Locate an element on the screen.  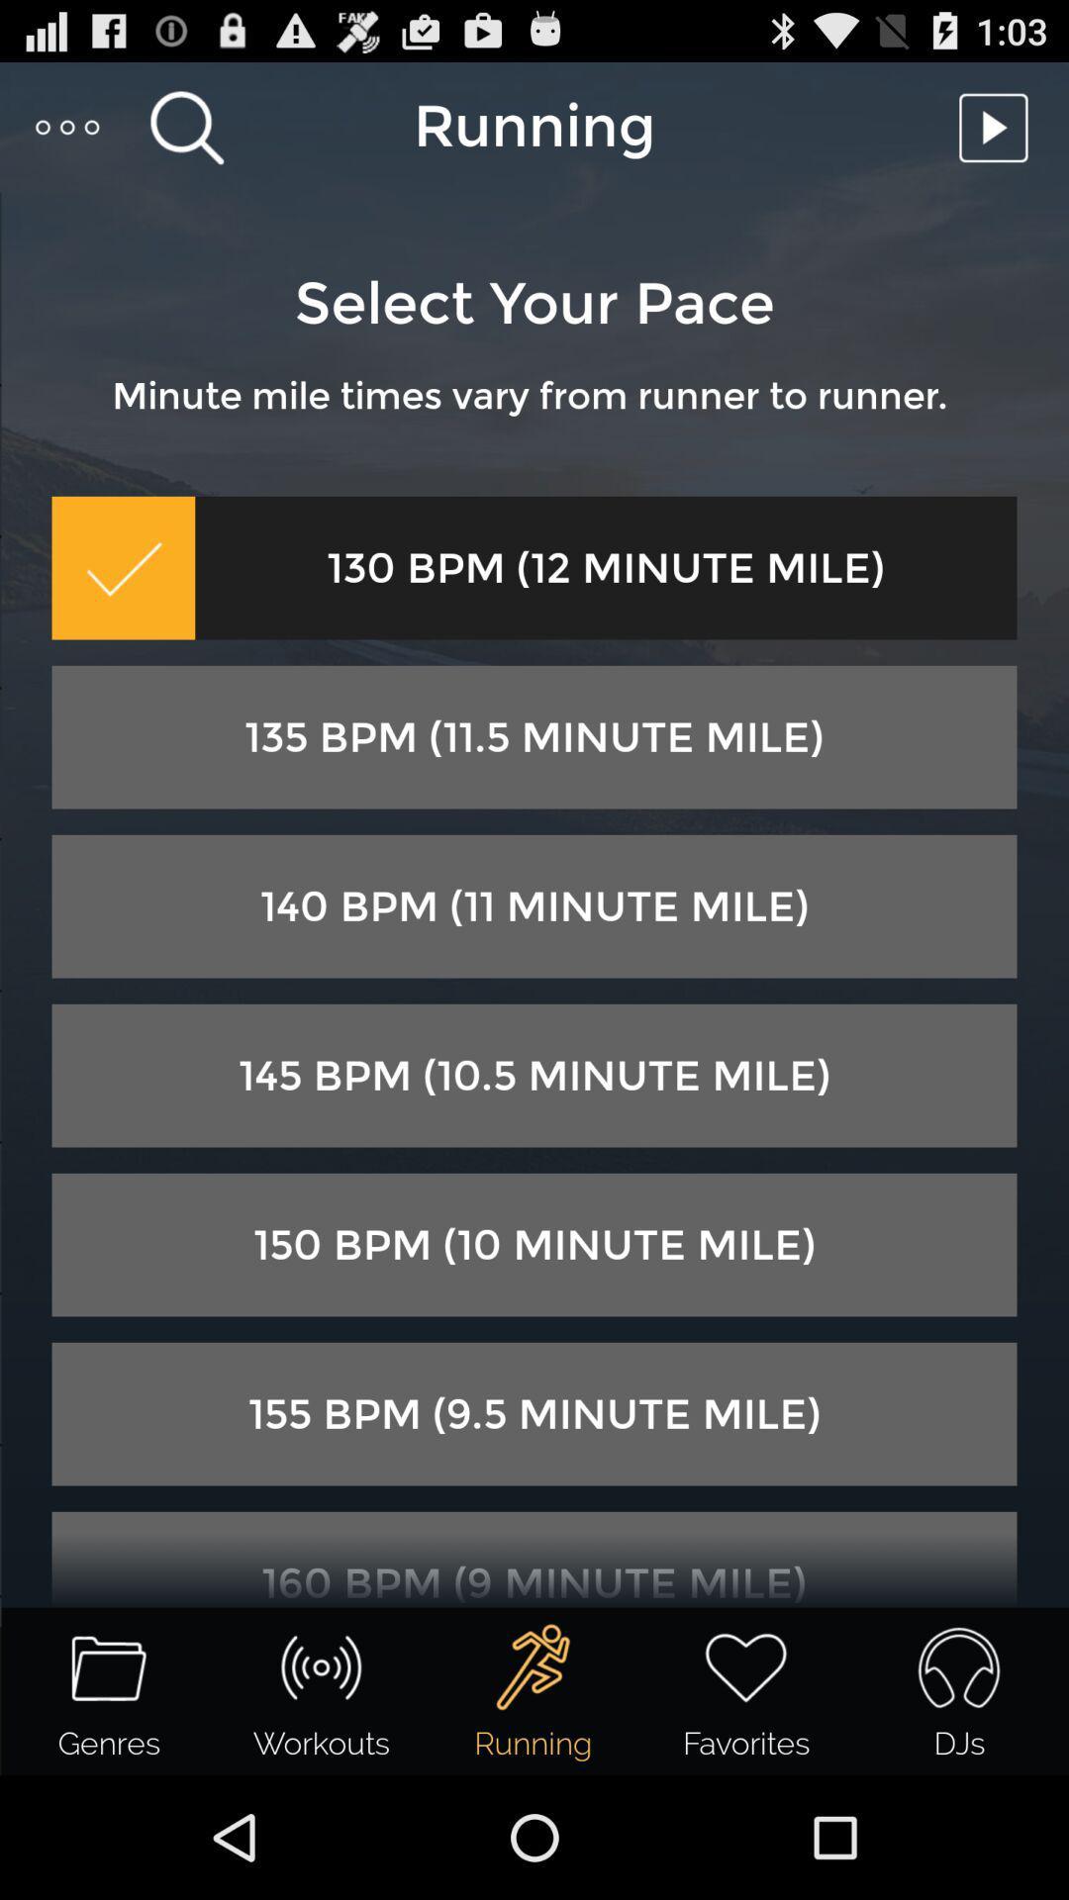
the item above the select your pace item is located at coordinates (999, 126).